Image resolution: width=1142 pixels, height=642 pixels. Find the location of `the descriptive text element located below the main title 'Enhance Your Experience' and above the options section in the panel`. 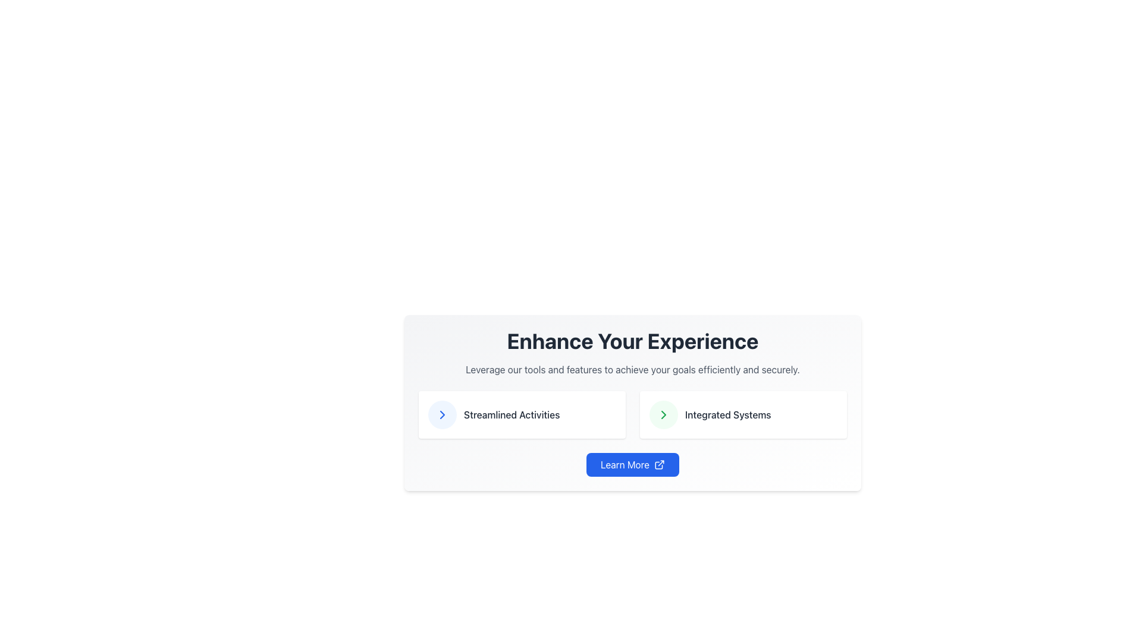

the descriptive text element located below the main title 'Enhance Your Experience' and above the options section in the panel is located at coordinates (632, 369).